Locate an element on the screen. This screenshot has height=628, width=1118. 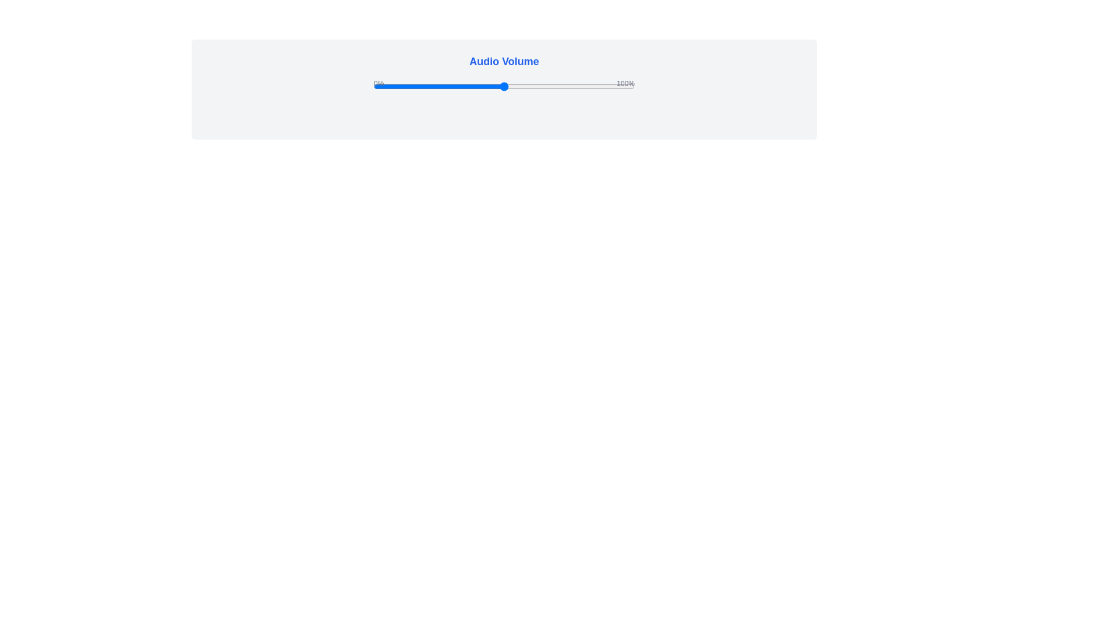
the audio volume is located at coordinates (486, 86).